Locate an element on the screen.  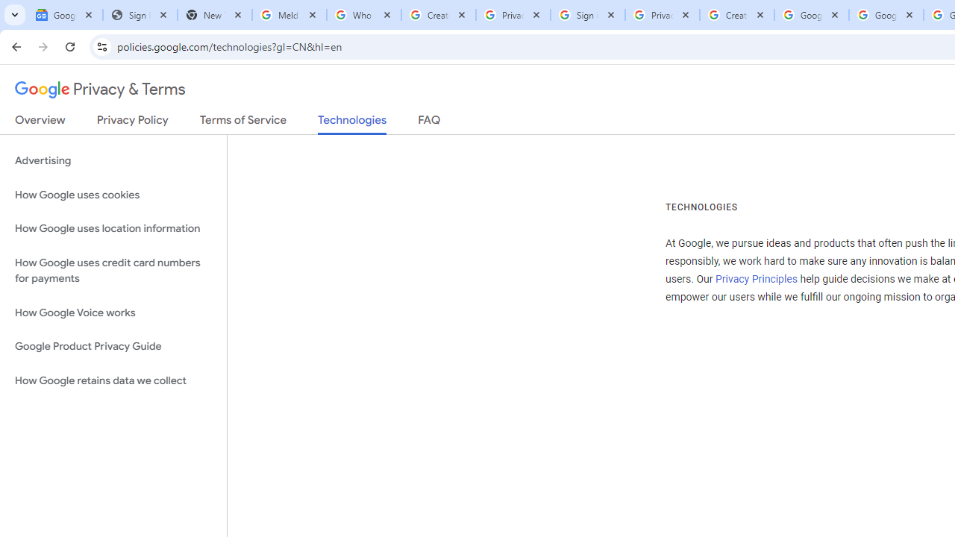
'Sign In - USA TODAY' is located at coordinates (140, 15).